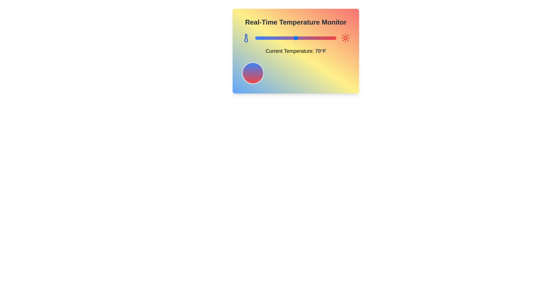 The height and width of the screenshot is (305, 542). I want to click on the temperature slider to set the temperature to 67°F, so click(293, 38).